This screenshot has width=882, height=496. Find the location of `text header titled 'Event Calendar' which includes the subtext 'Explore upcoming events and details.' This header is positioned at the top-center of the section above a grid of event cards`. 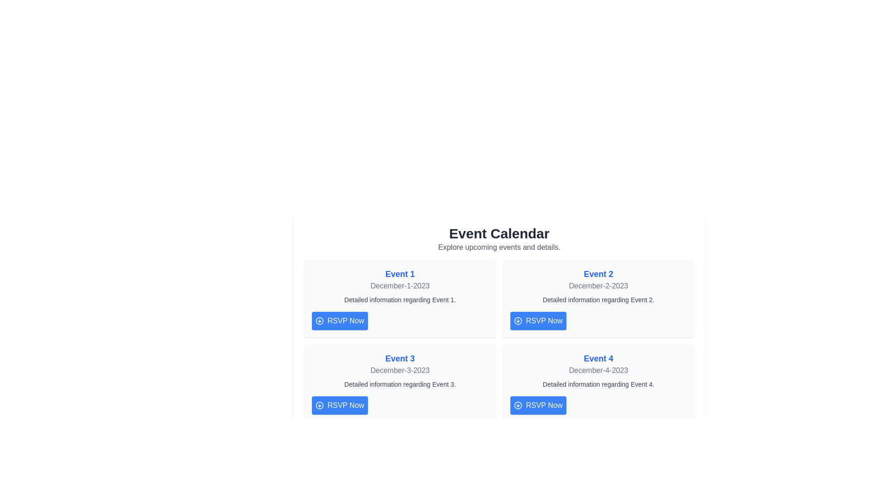

text header titled 'Event Calendar' which includes the subtext 'Explore upcoming events and details.' This header is positioned at the top-center of the section above a grid of event cards is located at coordinates (498, 238).